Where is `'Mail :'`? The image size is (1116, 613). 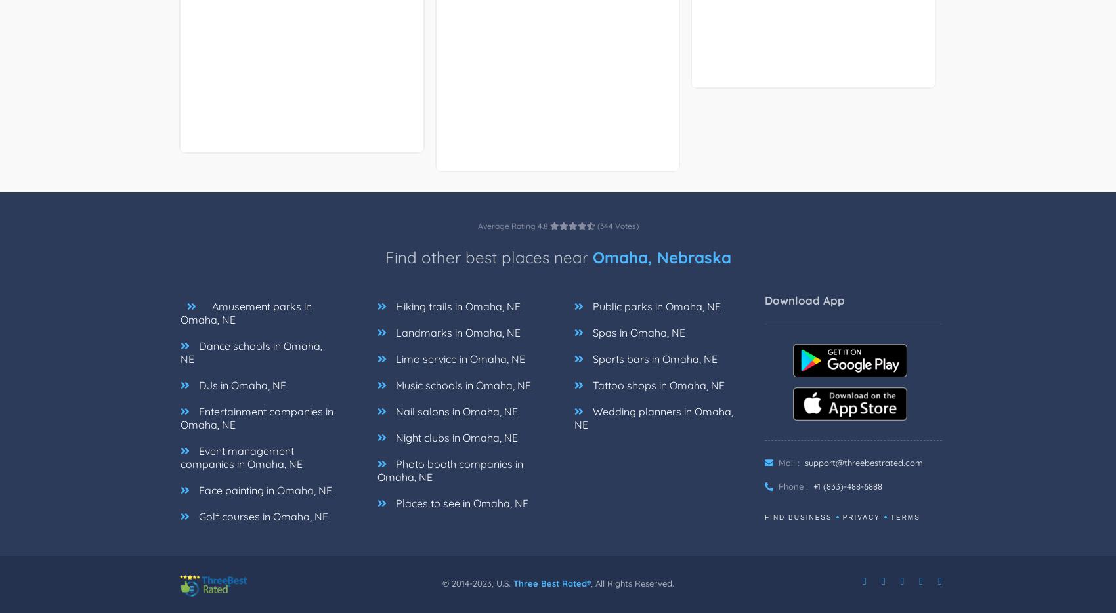 'Mail :' is located at coordinates (787, 462).